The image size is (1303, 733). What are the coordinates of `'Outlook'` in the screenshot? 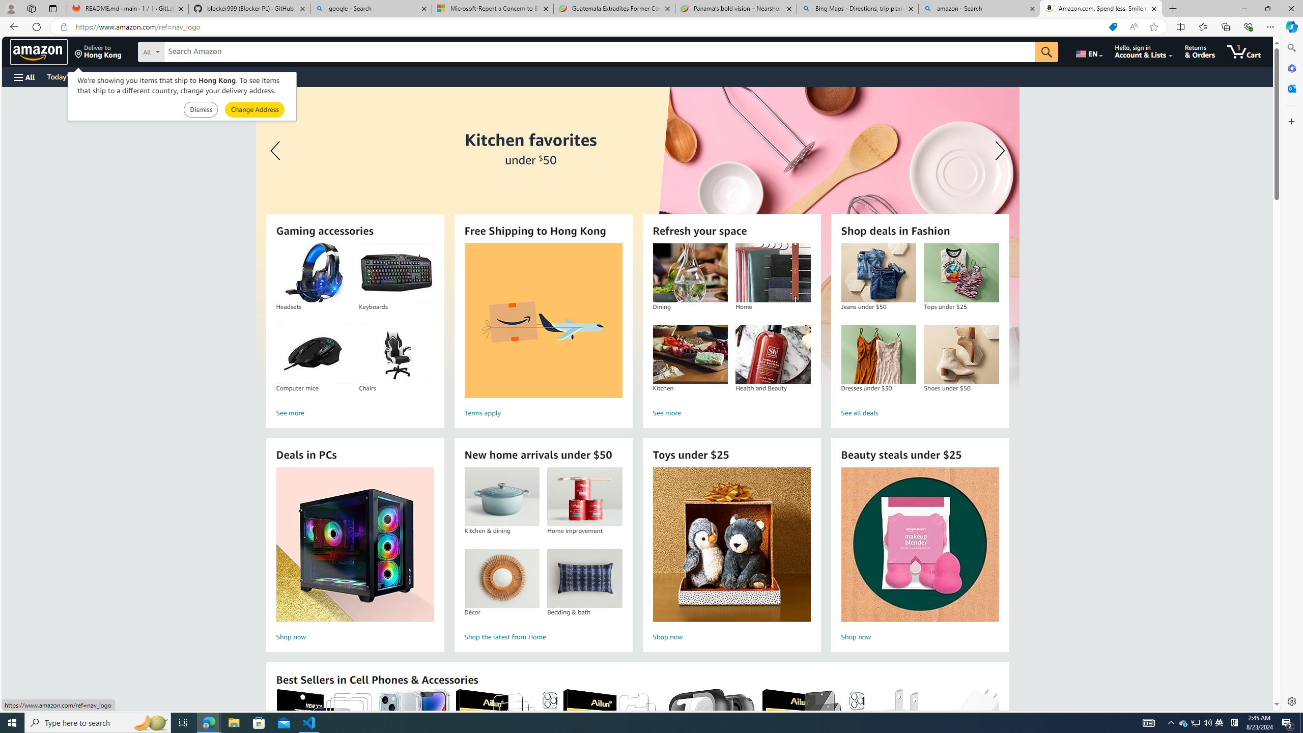 It's located at (1290, 88).